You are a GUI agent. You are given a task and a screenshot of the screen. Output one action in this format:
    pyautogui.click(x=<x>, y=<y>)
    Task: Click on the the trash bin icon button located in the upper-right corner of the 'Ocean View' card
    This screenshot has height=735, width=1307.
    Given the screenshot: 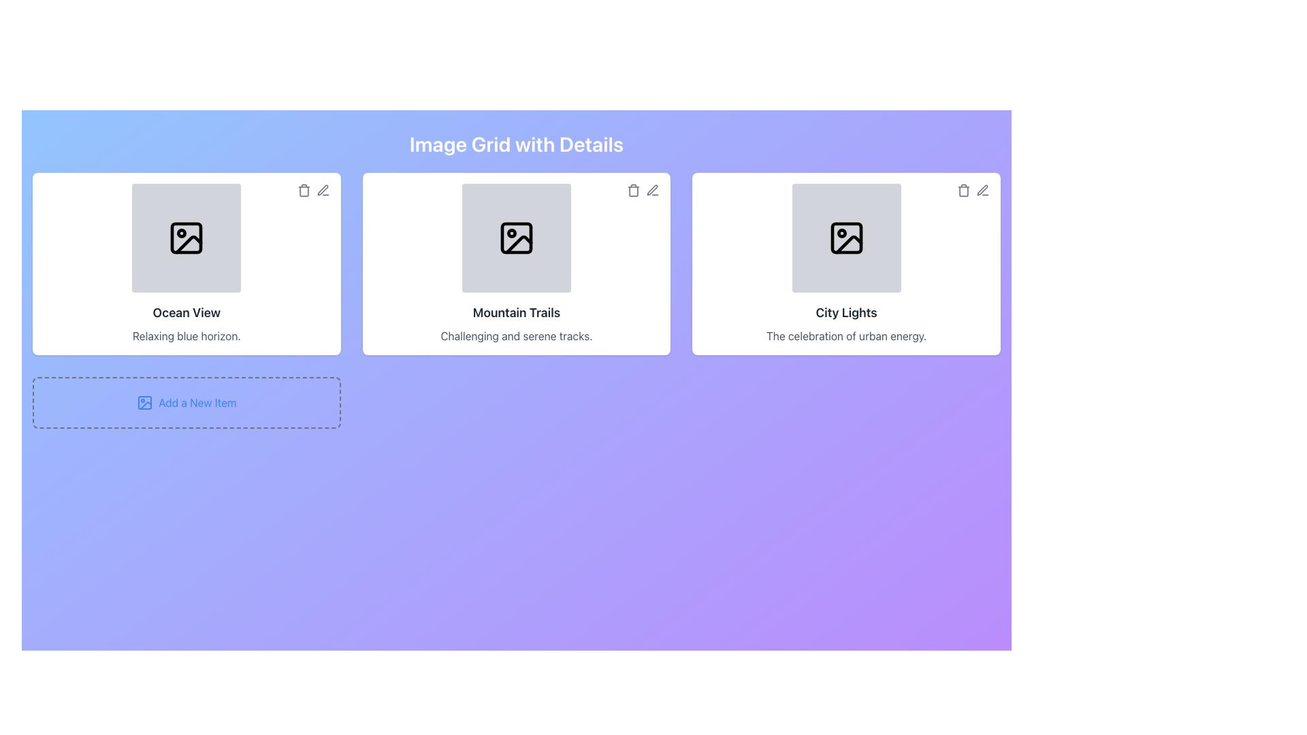 What is the action you would take?
    pyautogui.click(x=303, y=191)
    